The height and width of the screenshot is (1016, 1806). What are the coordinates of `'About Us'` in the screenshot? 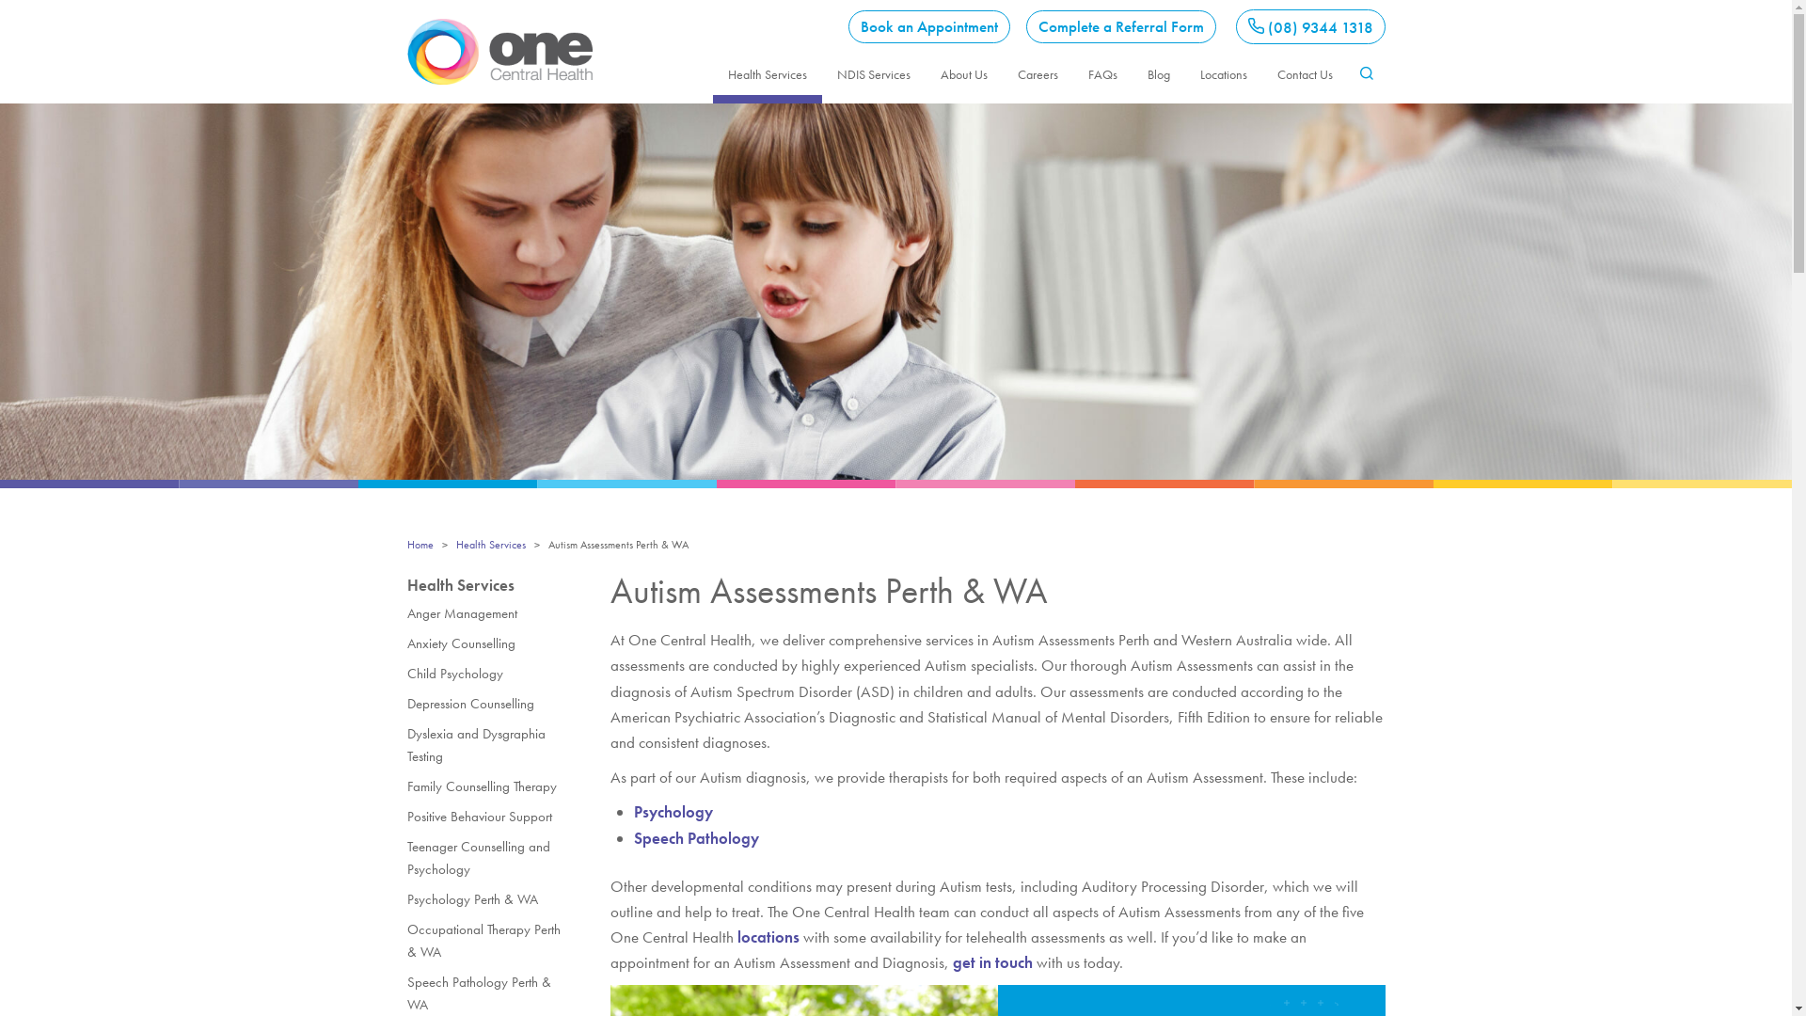 It's located at (925, 72).